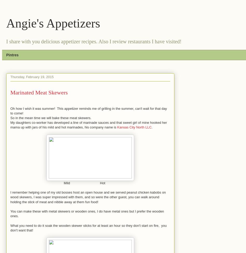 Image resolution: width=246 pixels, height=253 pixels. Describe the element at coordinates (88, 125) in the screenshot. I see `'My daughters co-worker has developed a line of marinade sauces and that sweet girl of mine hooked her mama up with jars of his mild and hot marinades, his company name is'` at that location.